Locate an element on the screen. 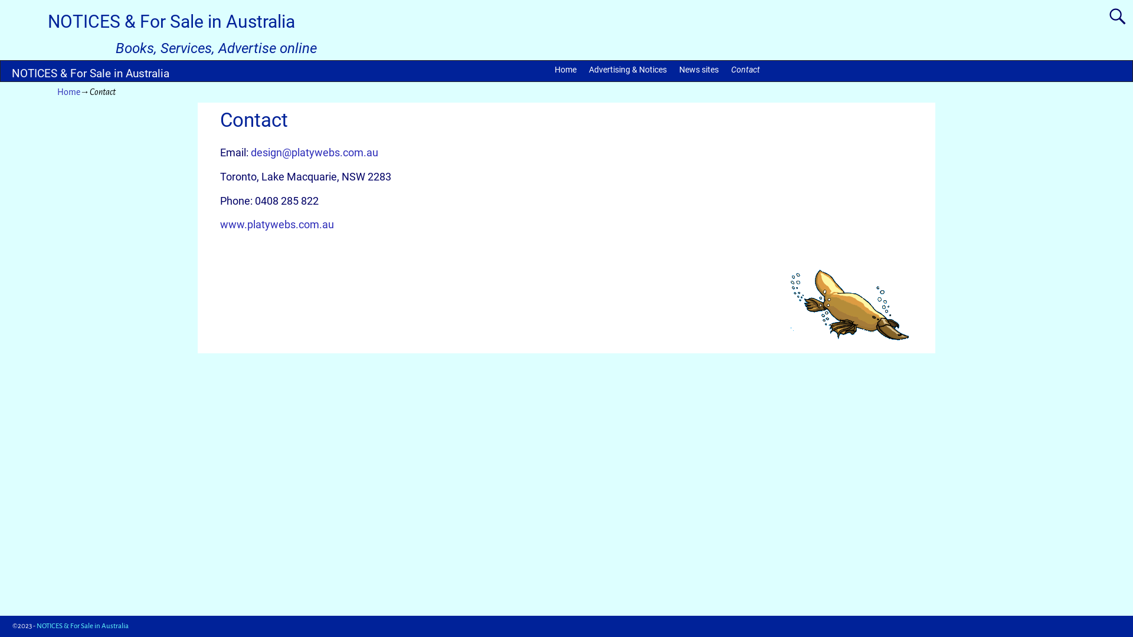 This screenshot has width=1133, height=637. 'www.platywebs.com.au' is located at coordinates (220, 225).